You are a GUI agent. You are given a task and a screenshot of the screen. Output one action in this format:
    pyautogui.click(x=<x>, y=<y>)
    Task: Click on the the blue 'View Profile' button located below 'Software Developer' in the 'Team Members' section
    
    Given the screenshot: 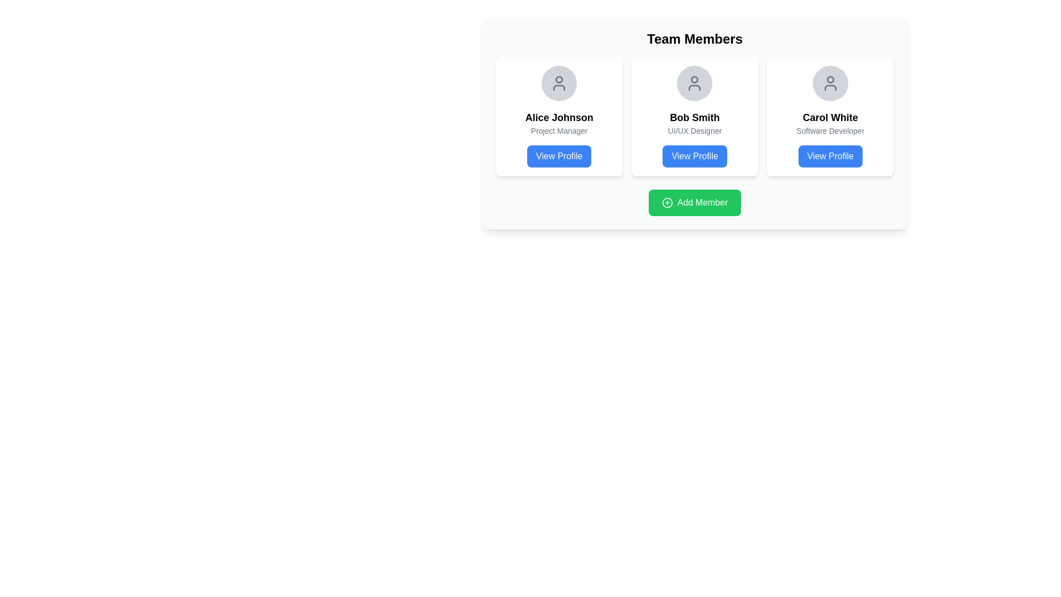 What is the action you would take?
    pyautogui.click(x=830, y=156)
    